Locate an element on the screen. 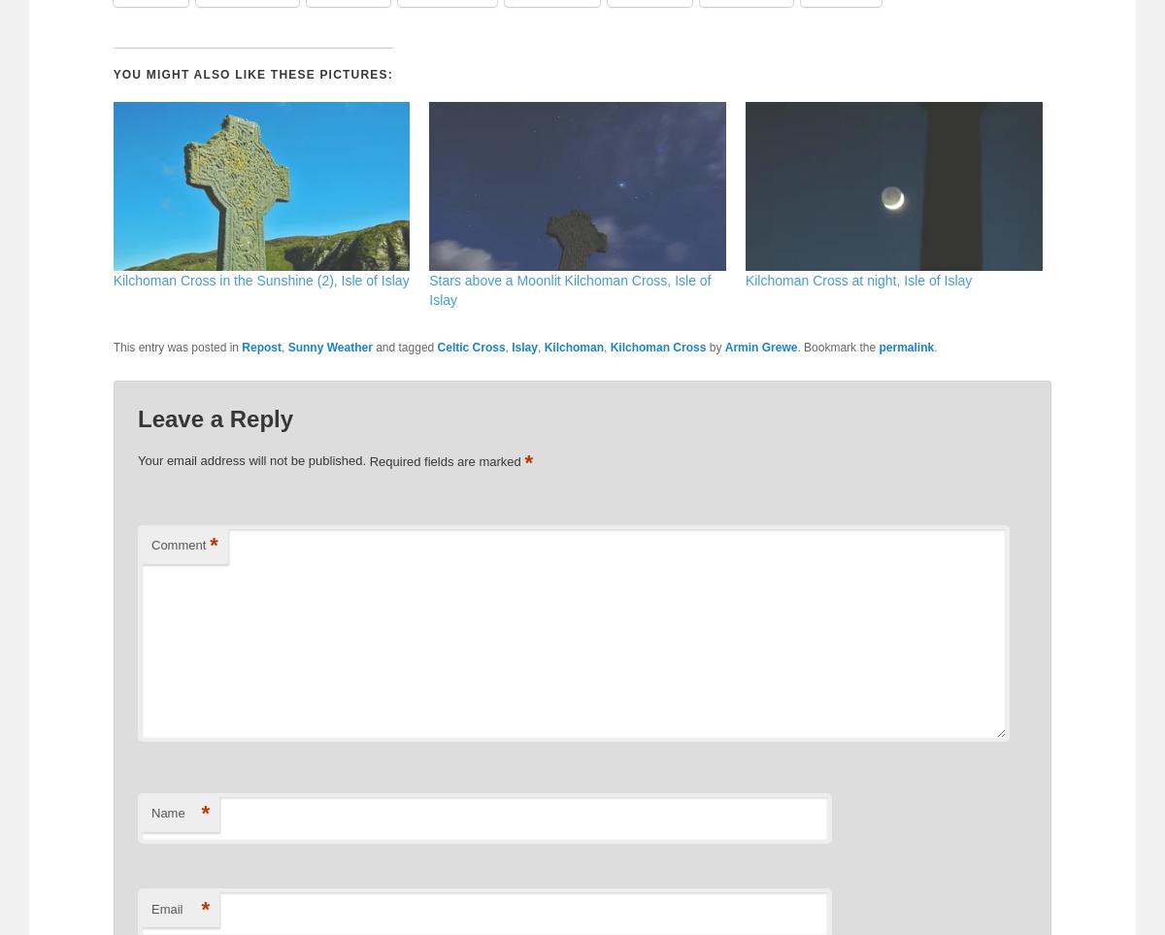 The image size is (1165, 935). 'Leave a Reply' is located at coordinates (215, 418).